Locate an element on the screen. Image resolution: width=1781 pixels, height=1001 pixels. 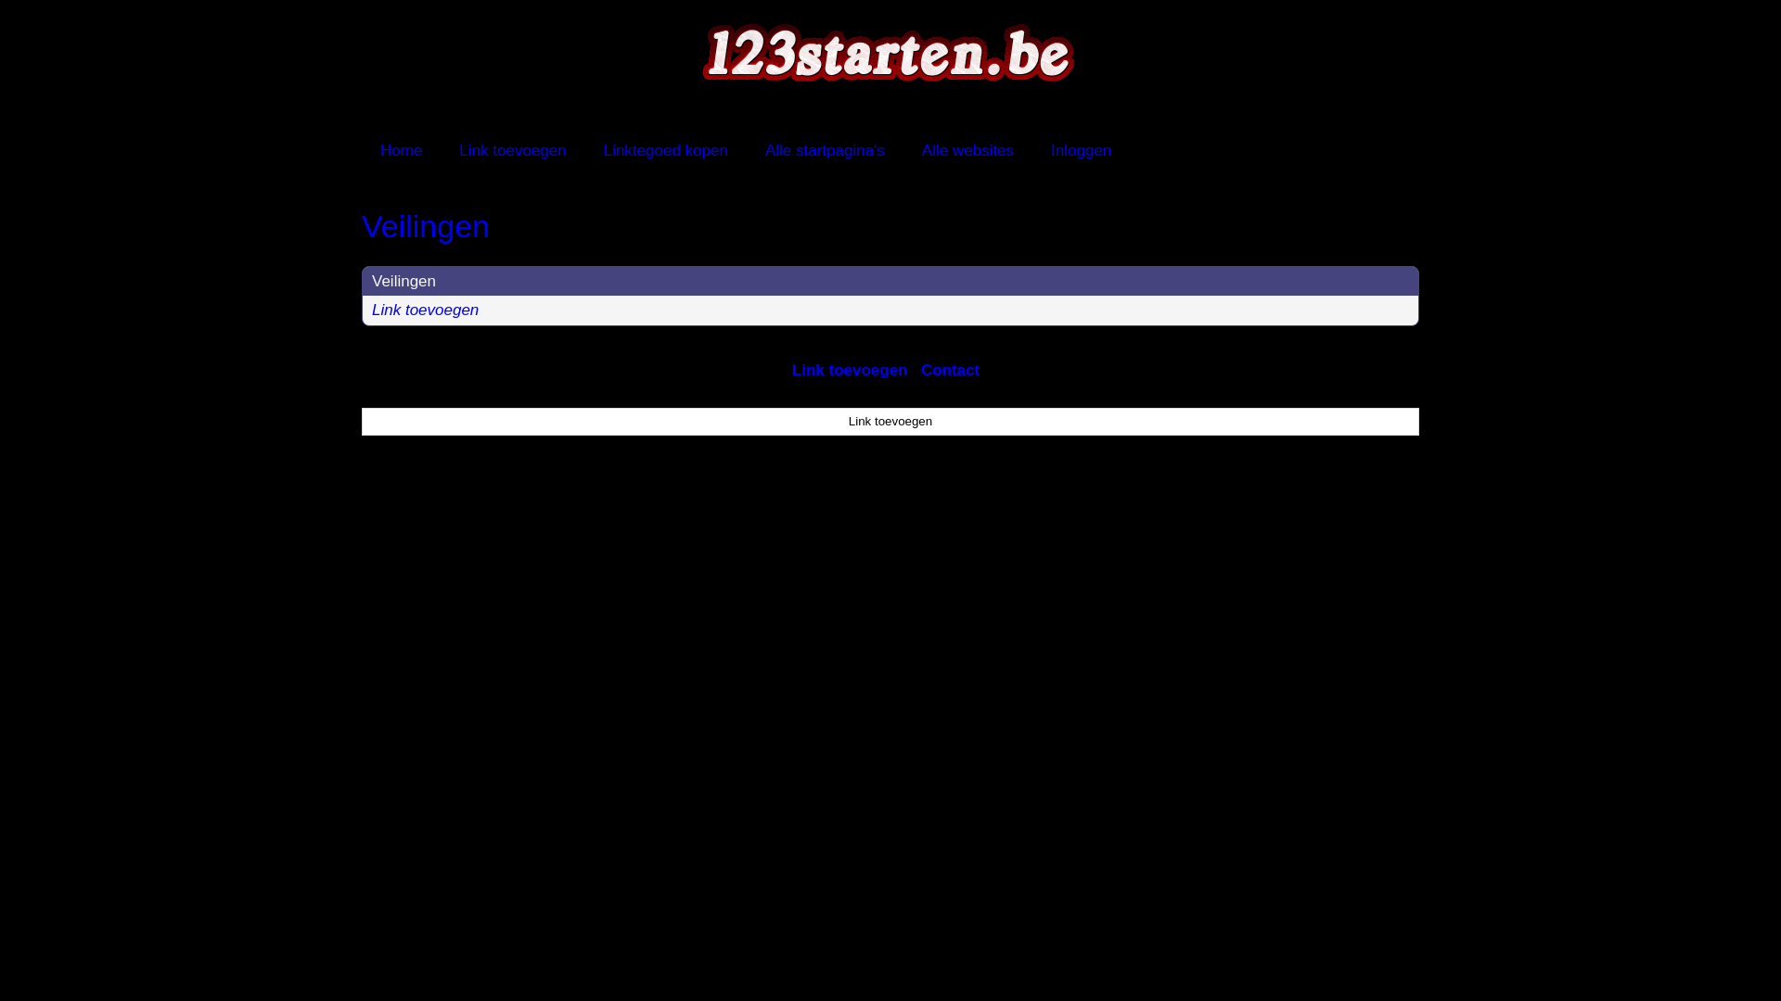
'Home' is located at coordinates (400, 149).